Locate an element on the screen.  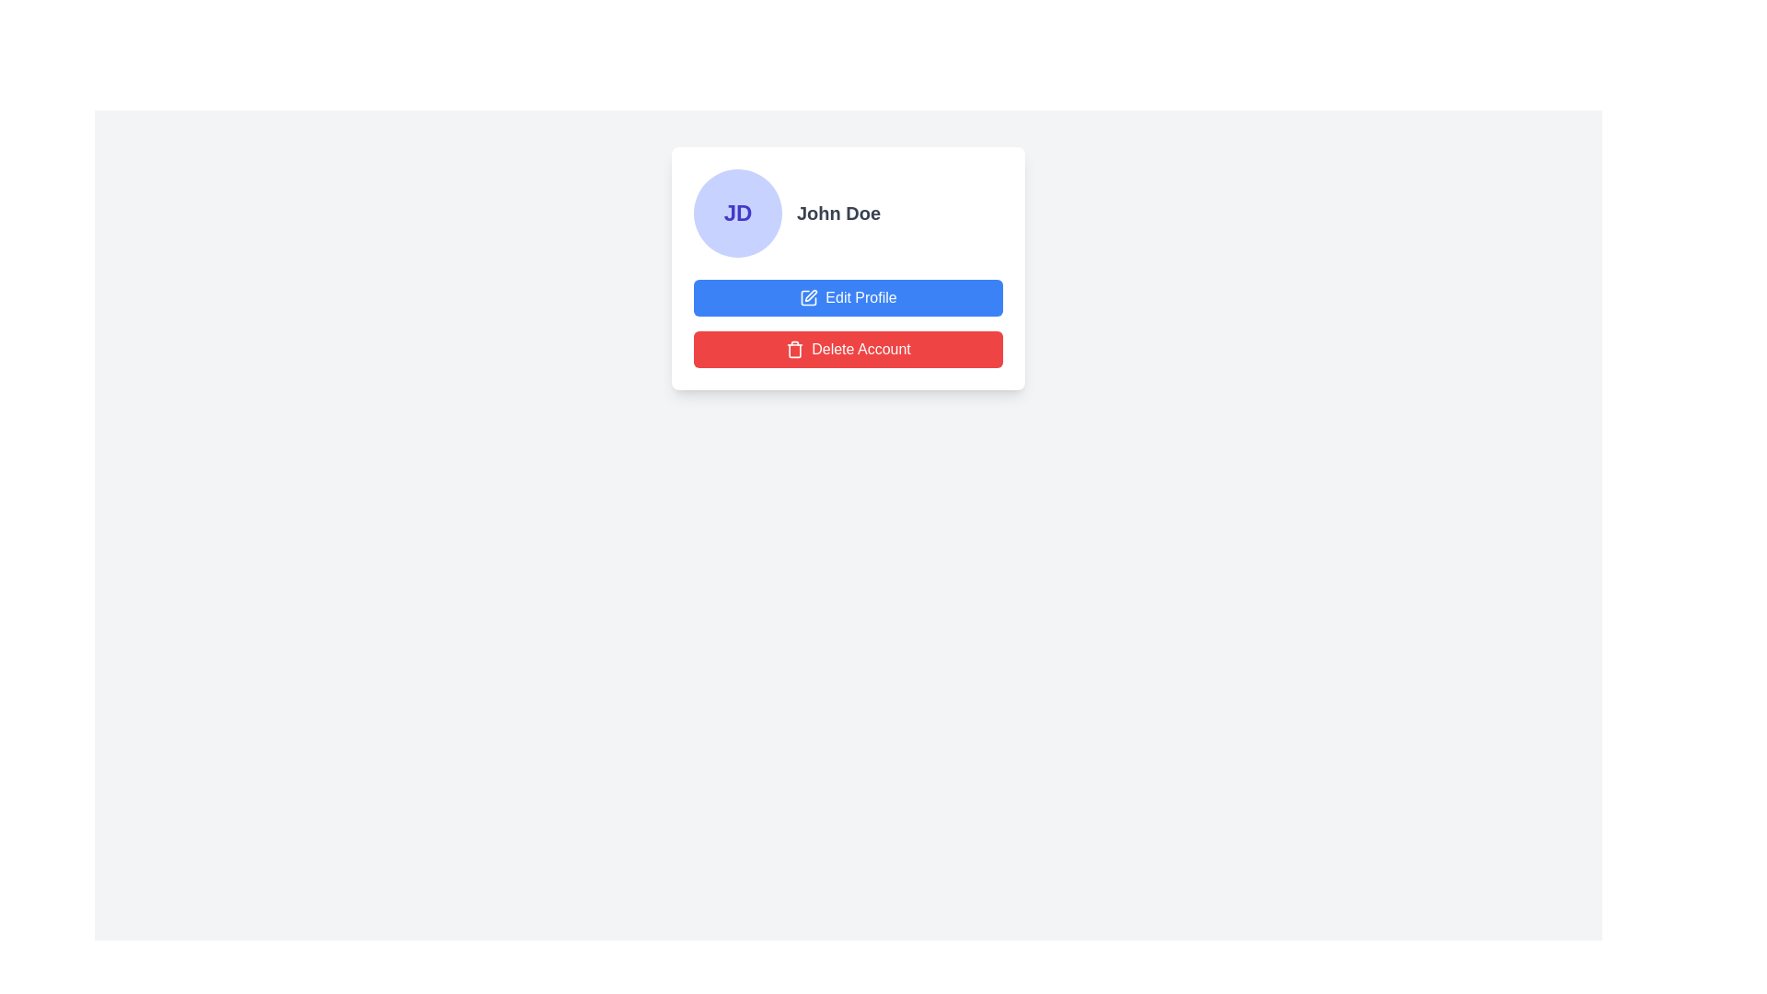
the 'Delete Account' button, which is a white text on a red background, to initiate the account deletion process is located at coordinates (860, 350).